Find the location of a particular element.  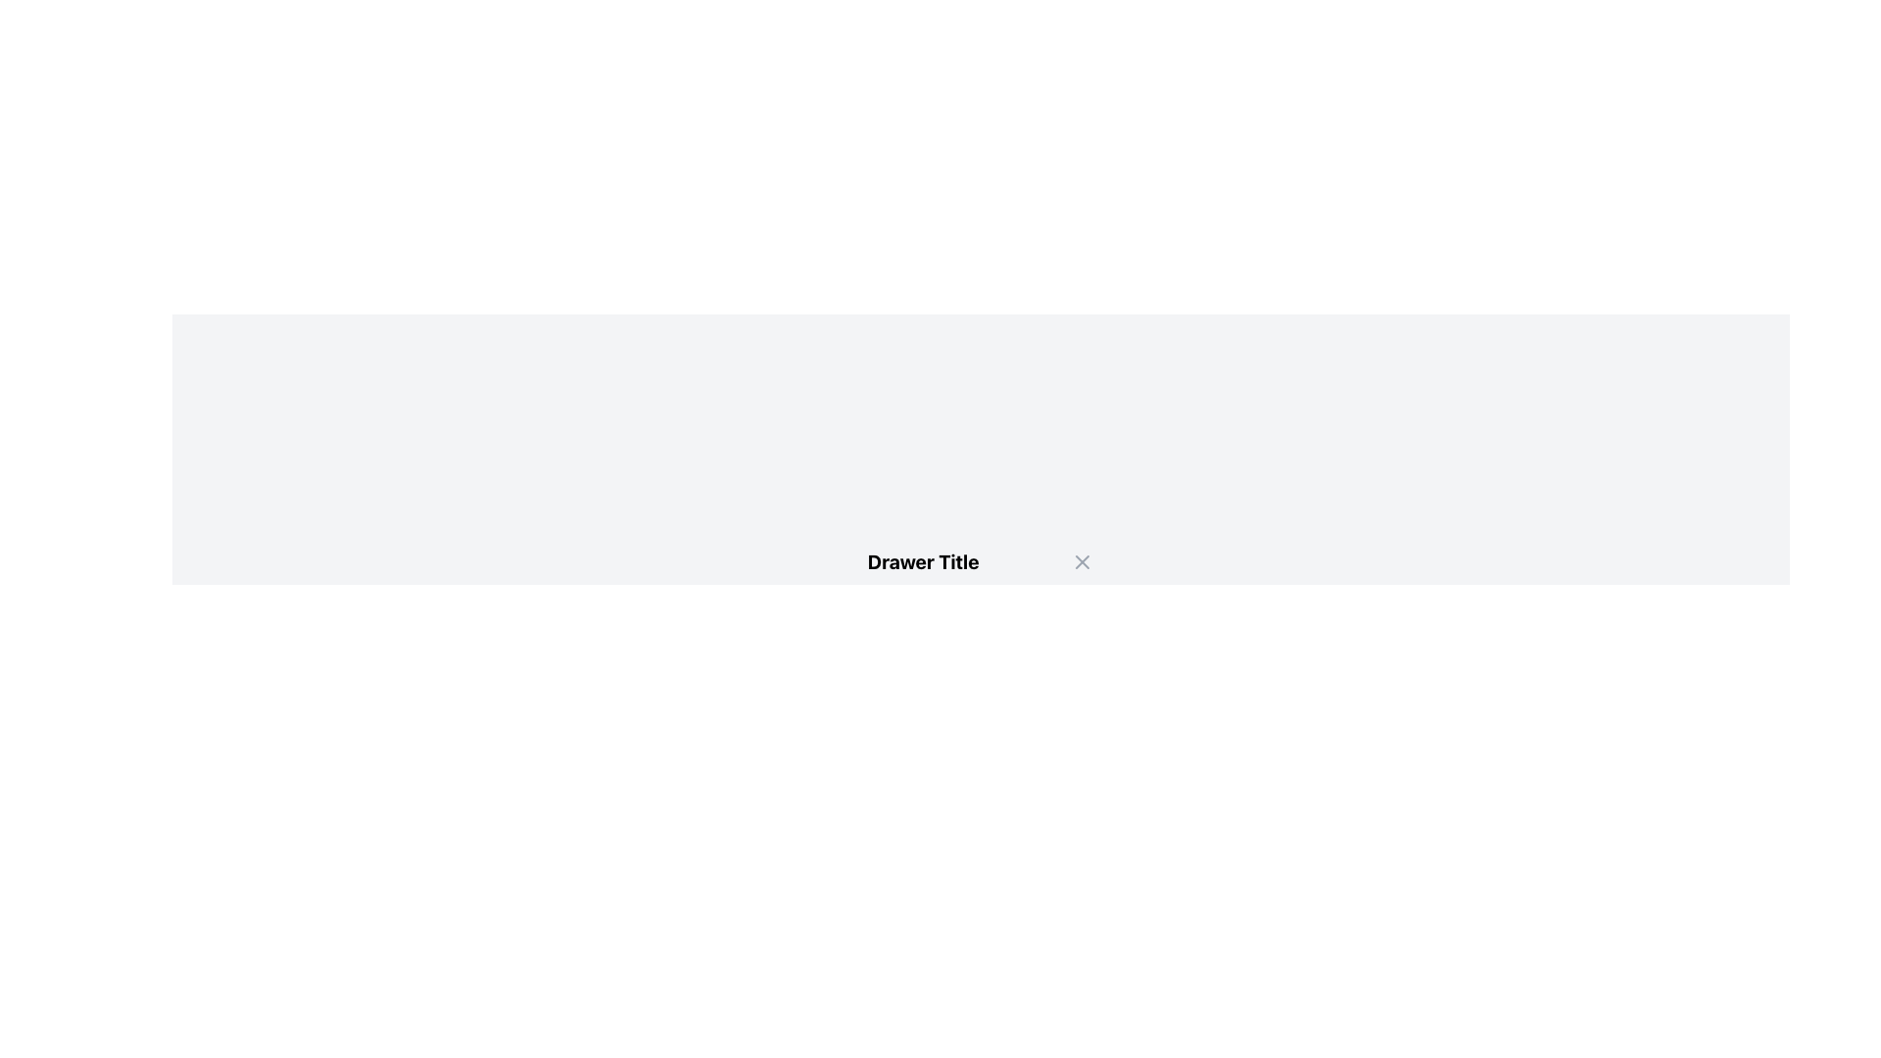

the 'X' icon located at the bottom-right corner of the toolbar, adjacent to the title 'Drawer Title' is located at coordinates (1082, 562).